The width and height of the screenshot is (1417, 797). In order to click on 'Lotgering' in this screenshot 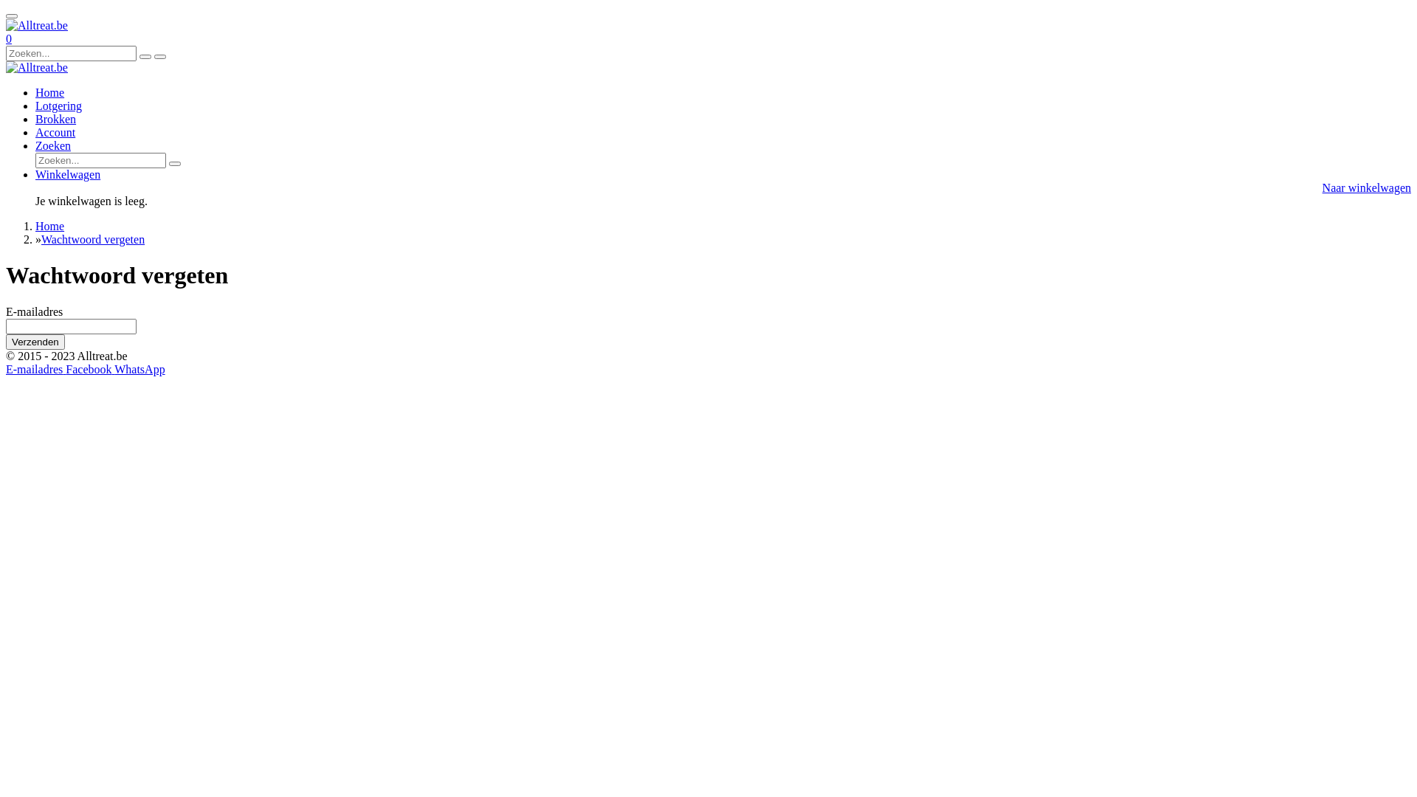, I will do `click(35, 105)`.